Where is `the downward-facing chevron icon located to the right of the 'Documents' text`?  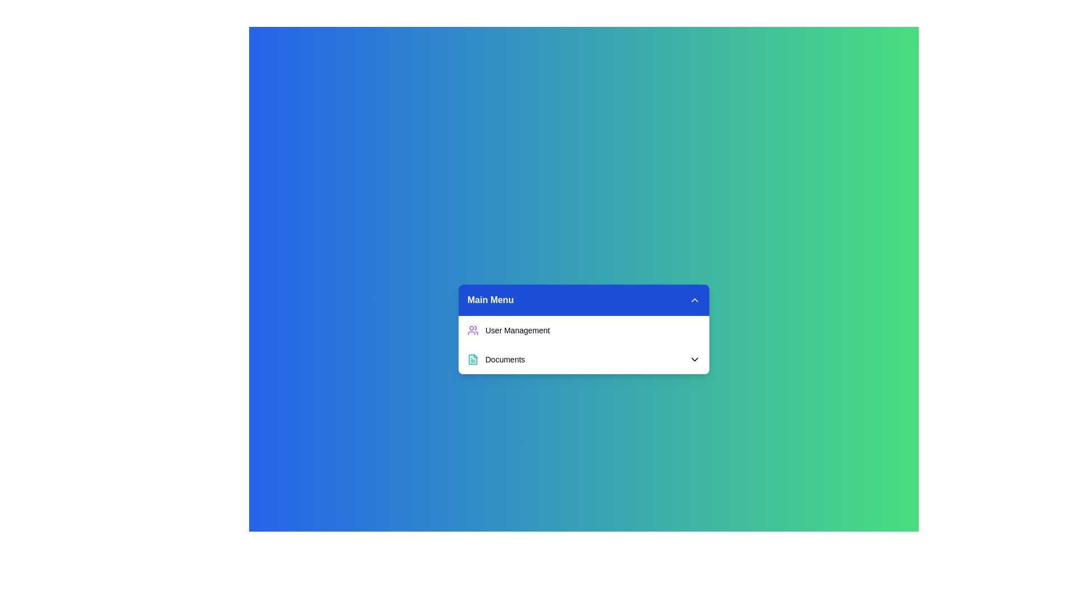
the downward-facing chevron icon located to the right of the 'Documents' text is located at coordinates (694, 359).